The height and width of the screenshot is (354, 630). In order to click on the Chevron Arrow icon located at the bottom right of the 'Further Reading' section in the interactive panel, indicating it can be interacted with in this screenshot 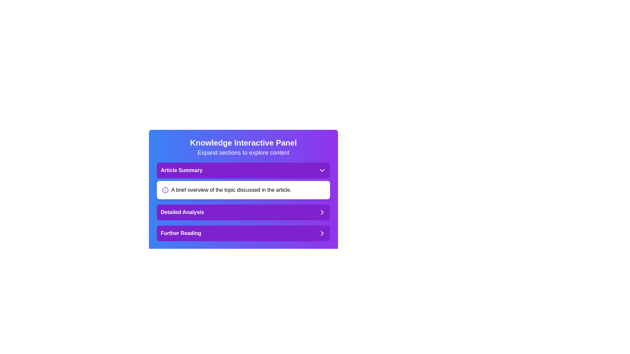, I will do `click(322, 233)`.